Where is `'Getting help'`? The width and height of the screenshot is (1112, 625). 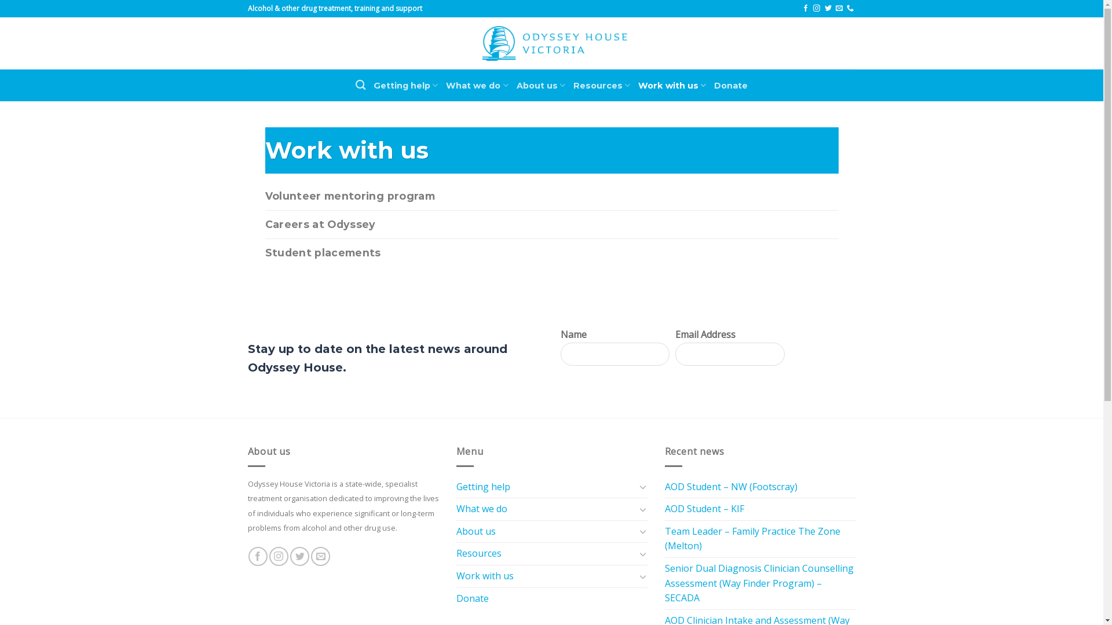 'Getting help' is located at coordinates (405, 84).